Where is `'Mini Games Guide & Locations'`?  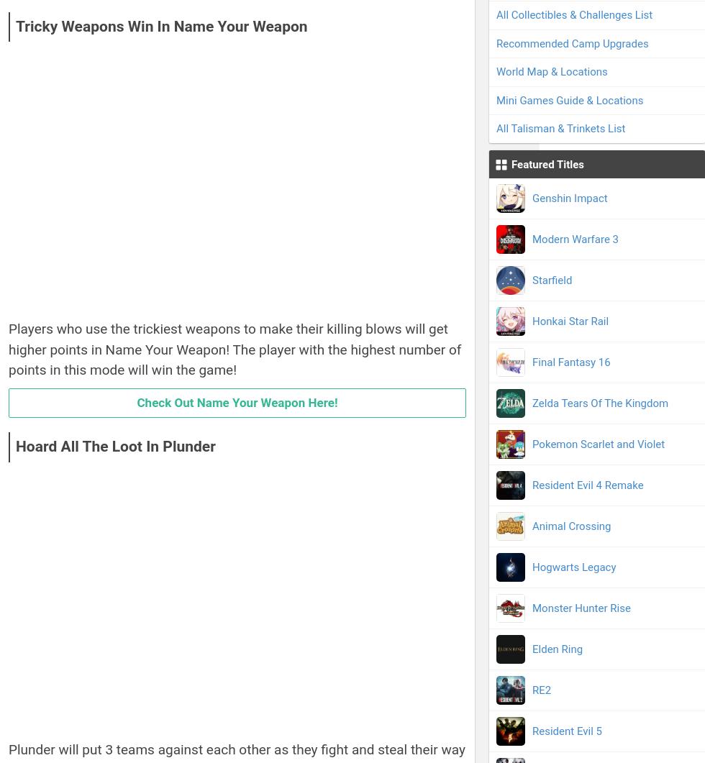 'Mini Games Guide & Locations' is located at coordinates (570, 99).